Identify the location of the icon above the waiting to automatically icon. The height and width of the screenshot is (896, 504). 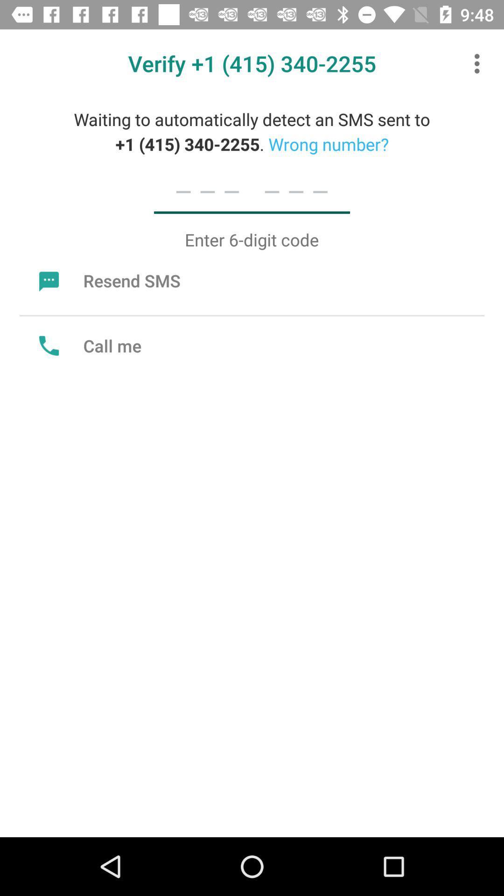
(479, 63).